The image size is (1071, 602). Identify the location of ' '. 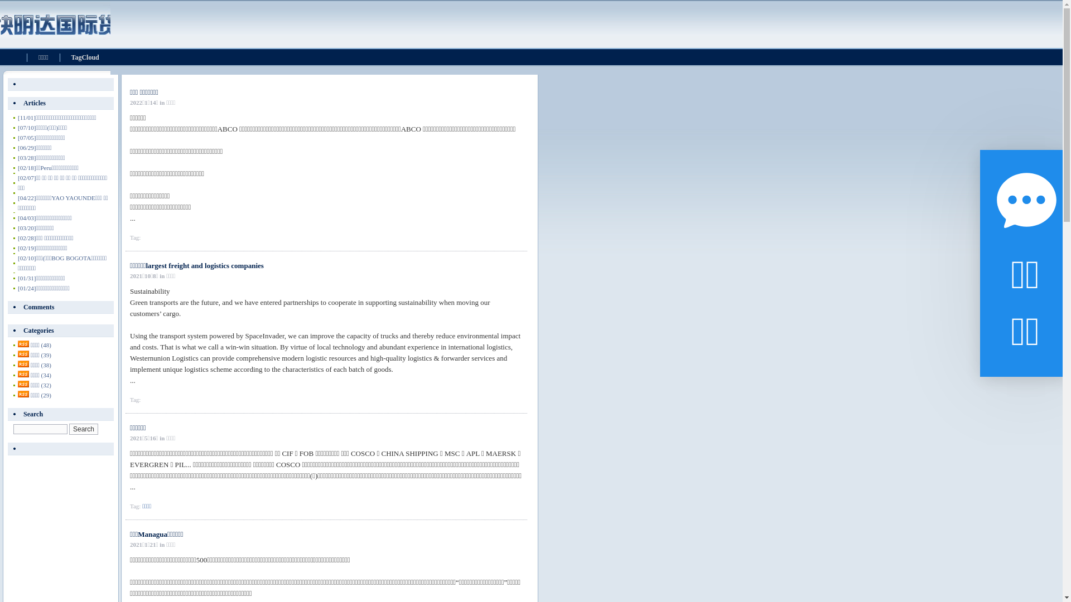
(60, 449).